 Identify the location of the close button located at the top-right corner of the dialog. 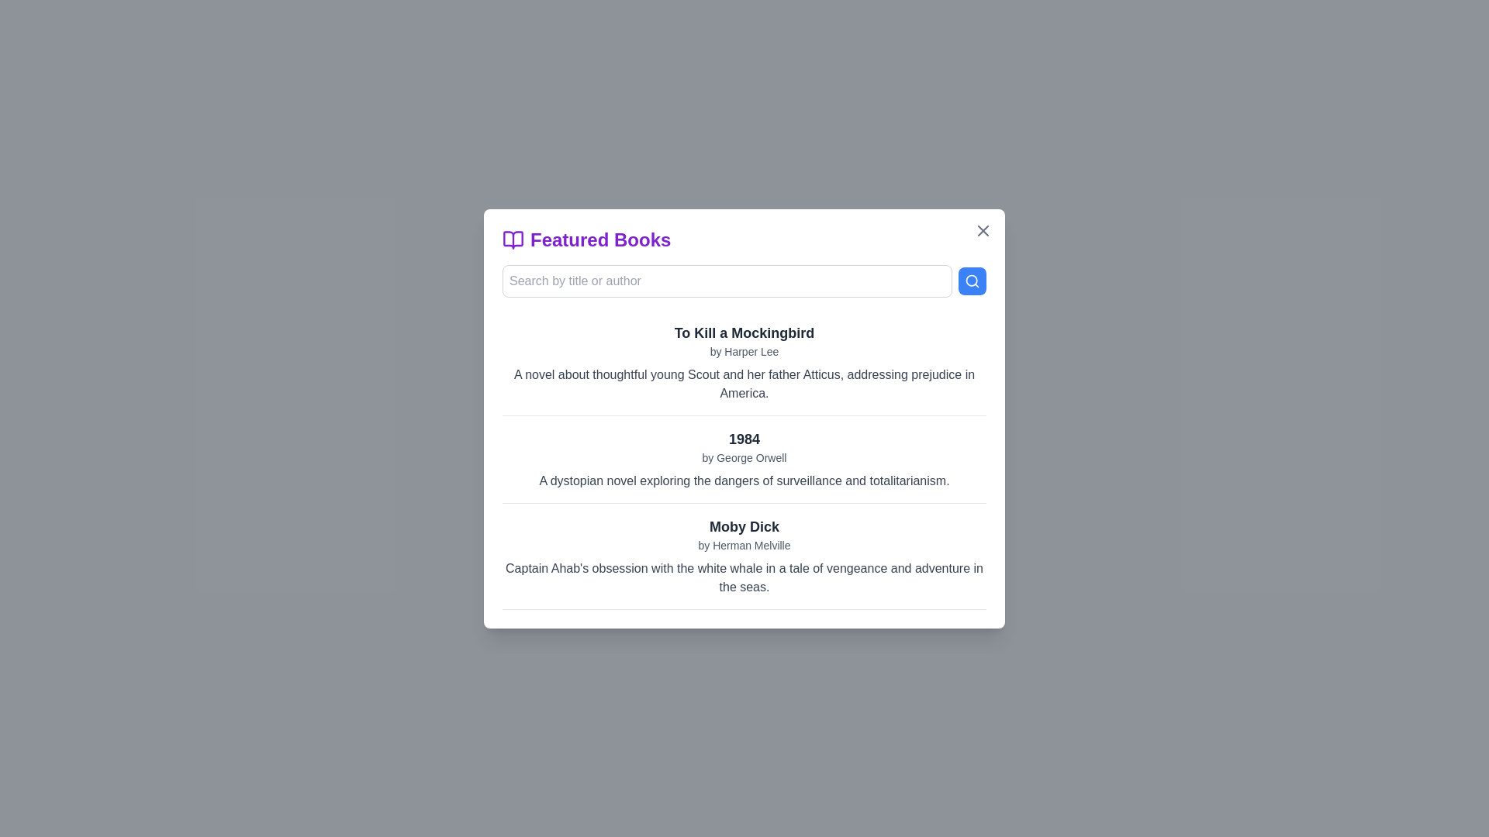
(982, 230).